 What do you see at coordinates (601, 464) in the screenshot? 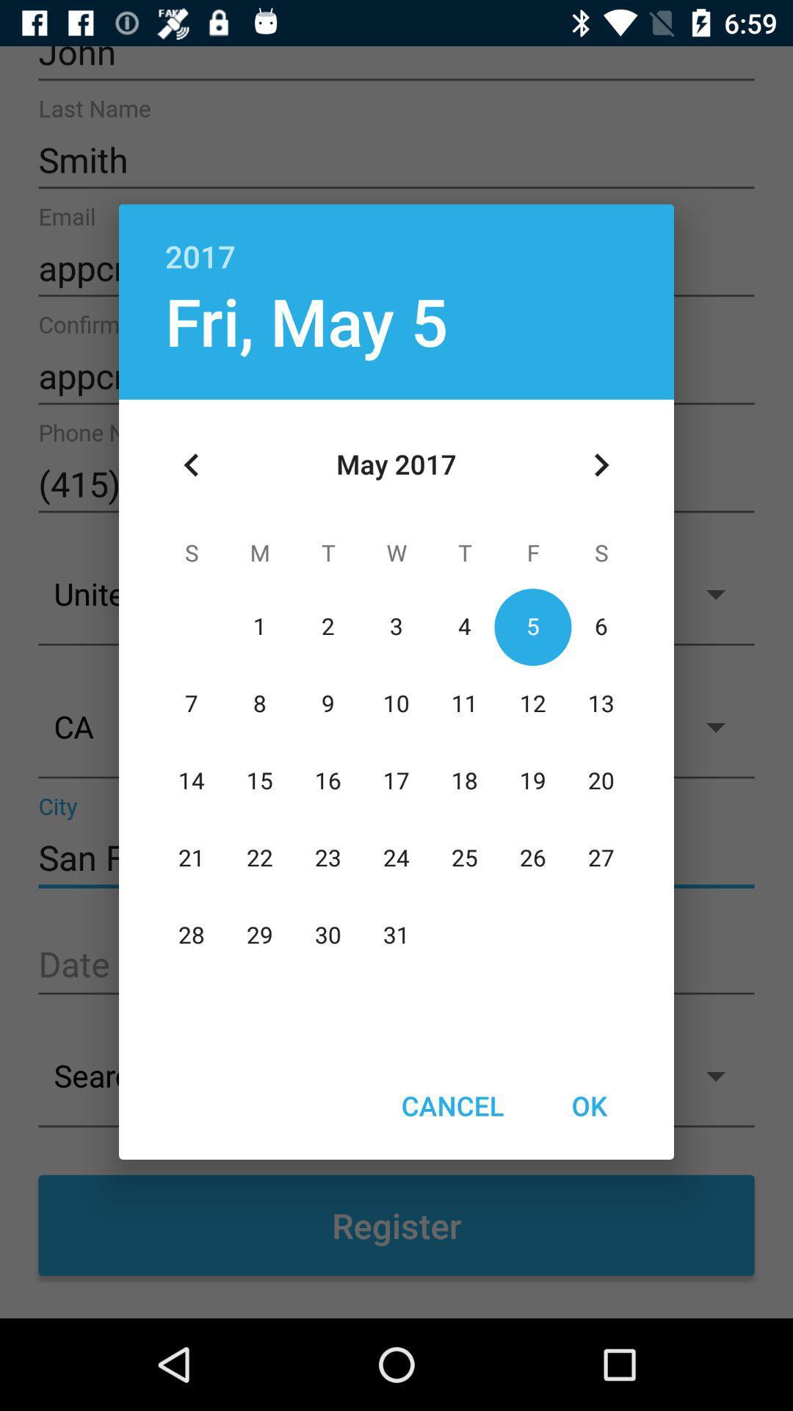
I see `the icon below the 2017 item` at bounding box center [601, 464].